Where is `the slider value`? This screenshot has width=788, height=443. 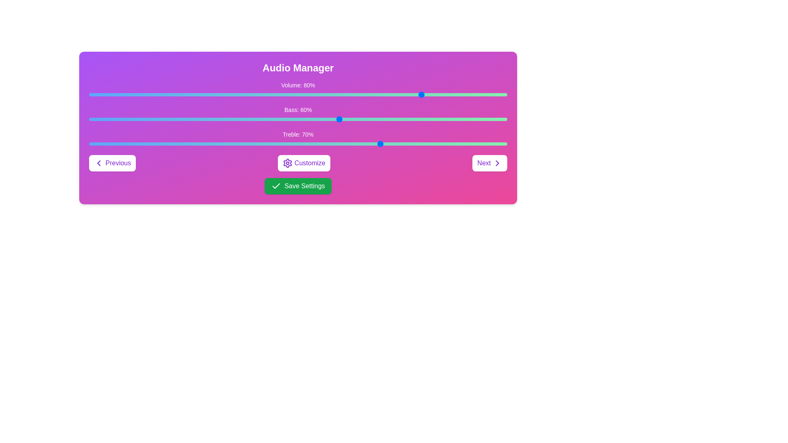 the slider value is located at coordinates (465, 94).